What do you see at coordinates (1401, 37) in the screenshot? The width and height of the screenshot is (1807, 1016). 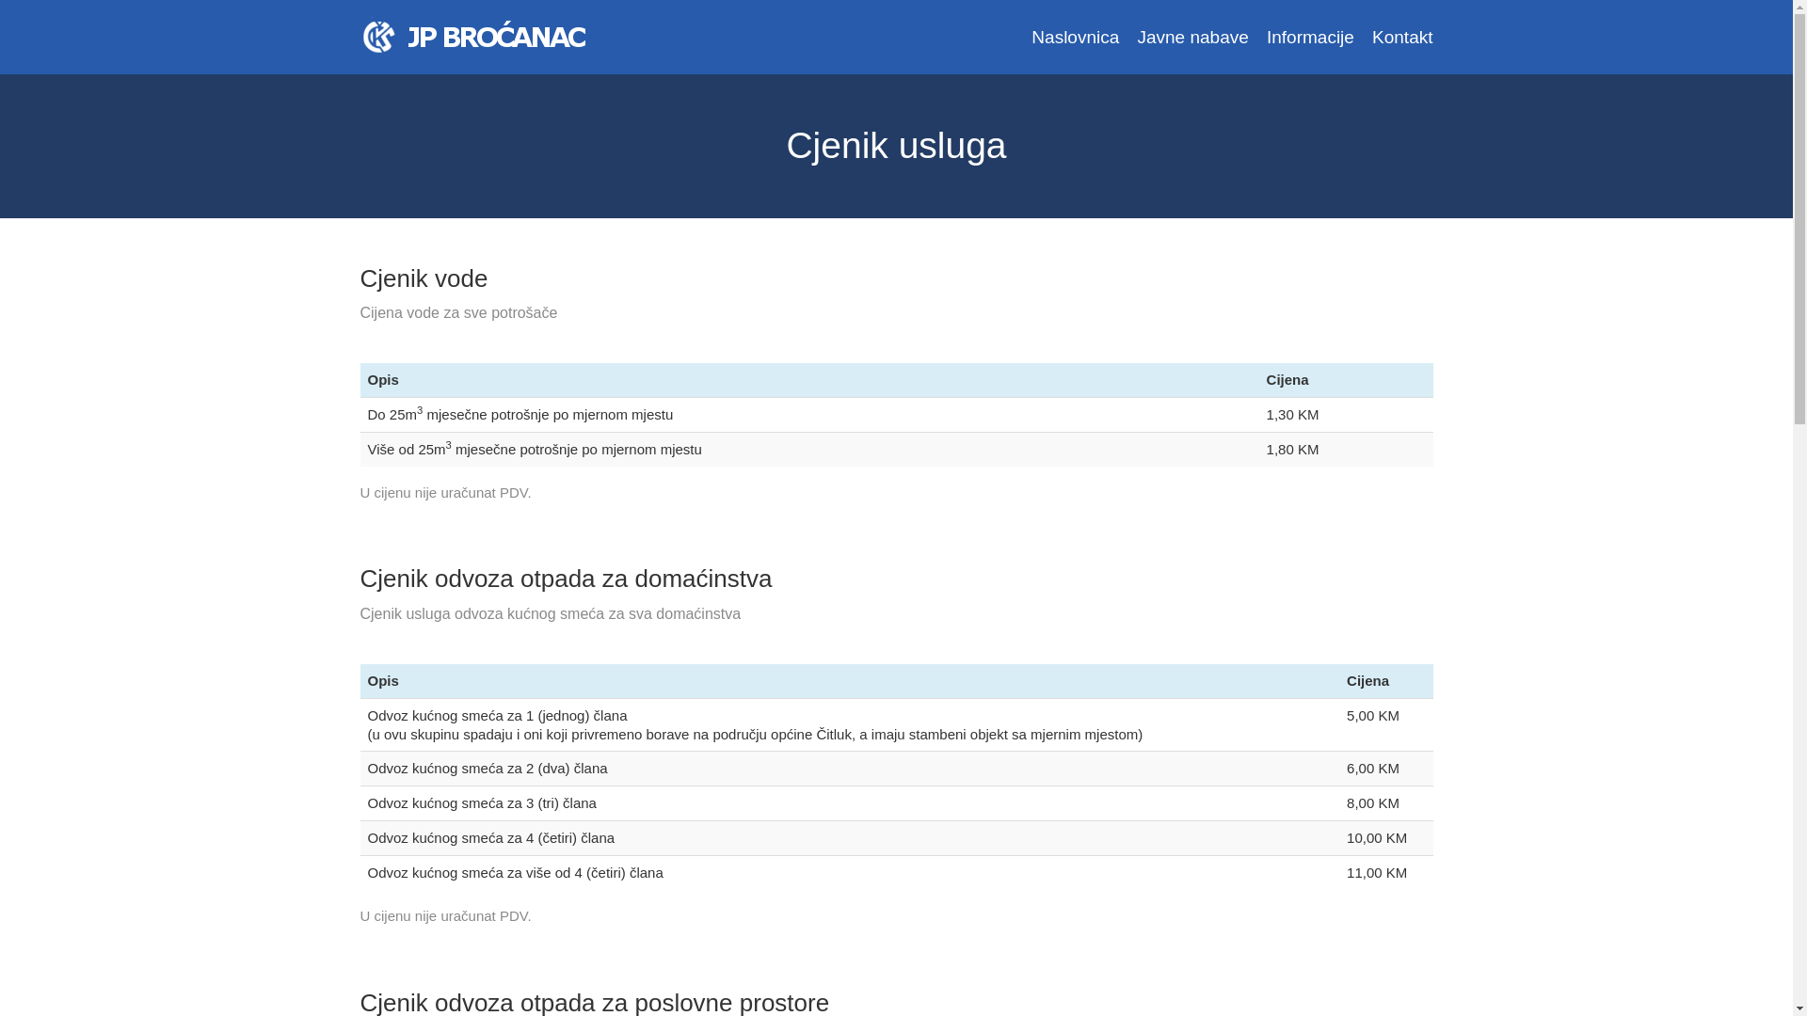 I see `'Kontakt'` at bounding box center [1401, 37].